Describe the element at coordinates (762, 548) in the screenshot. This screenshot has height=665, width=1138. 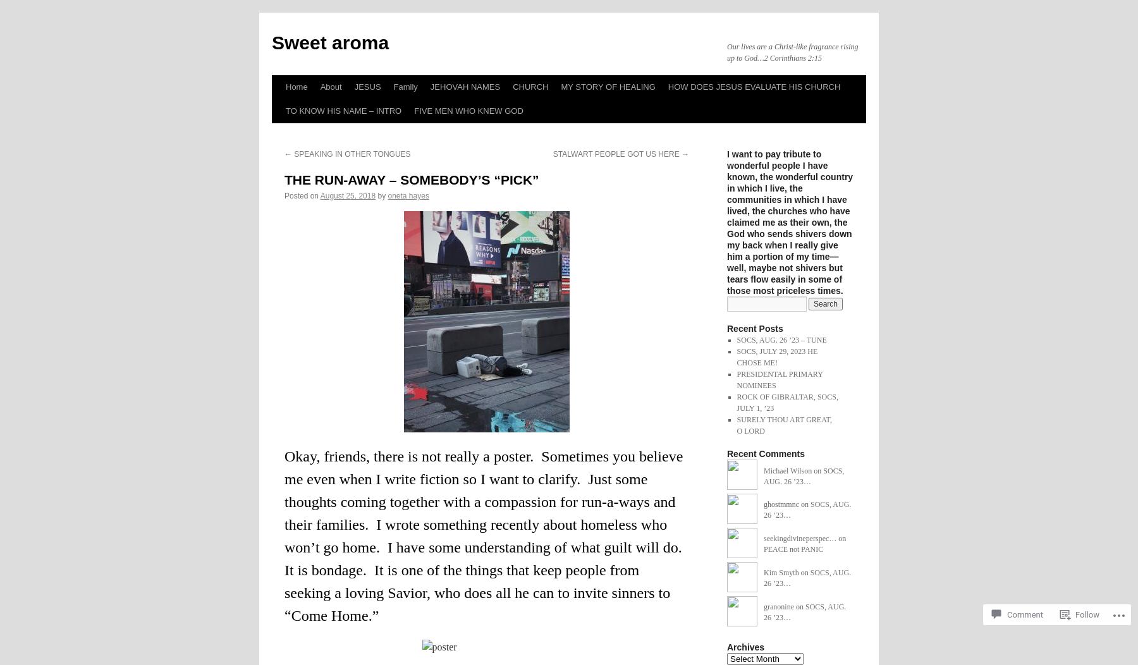
I see `'PEACE not PANIC'` at that location.